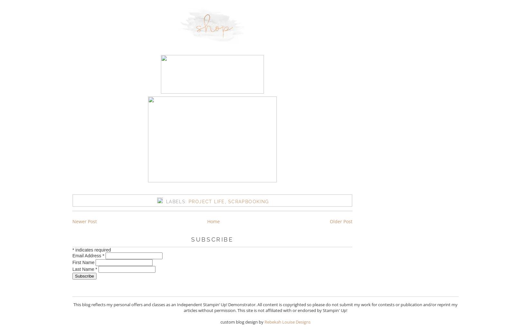 Image resolution: width=531 pixels, height=330 pixels. I want to click on 'Subscribe', so click(212, 239).